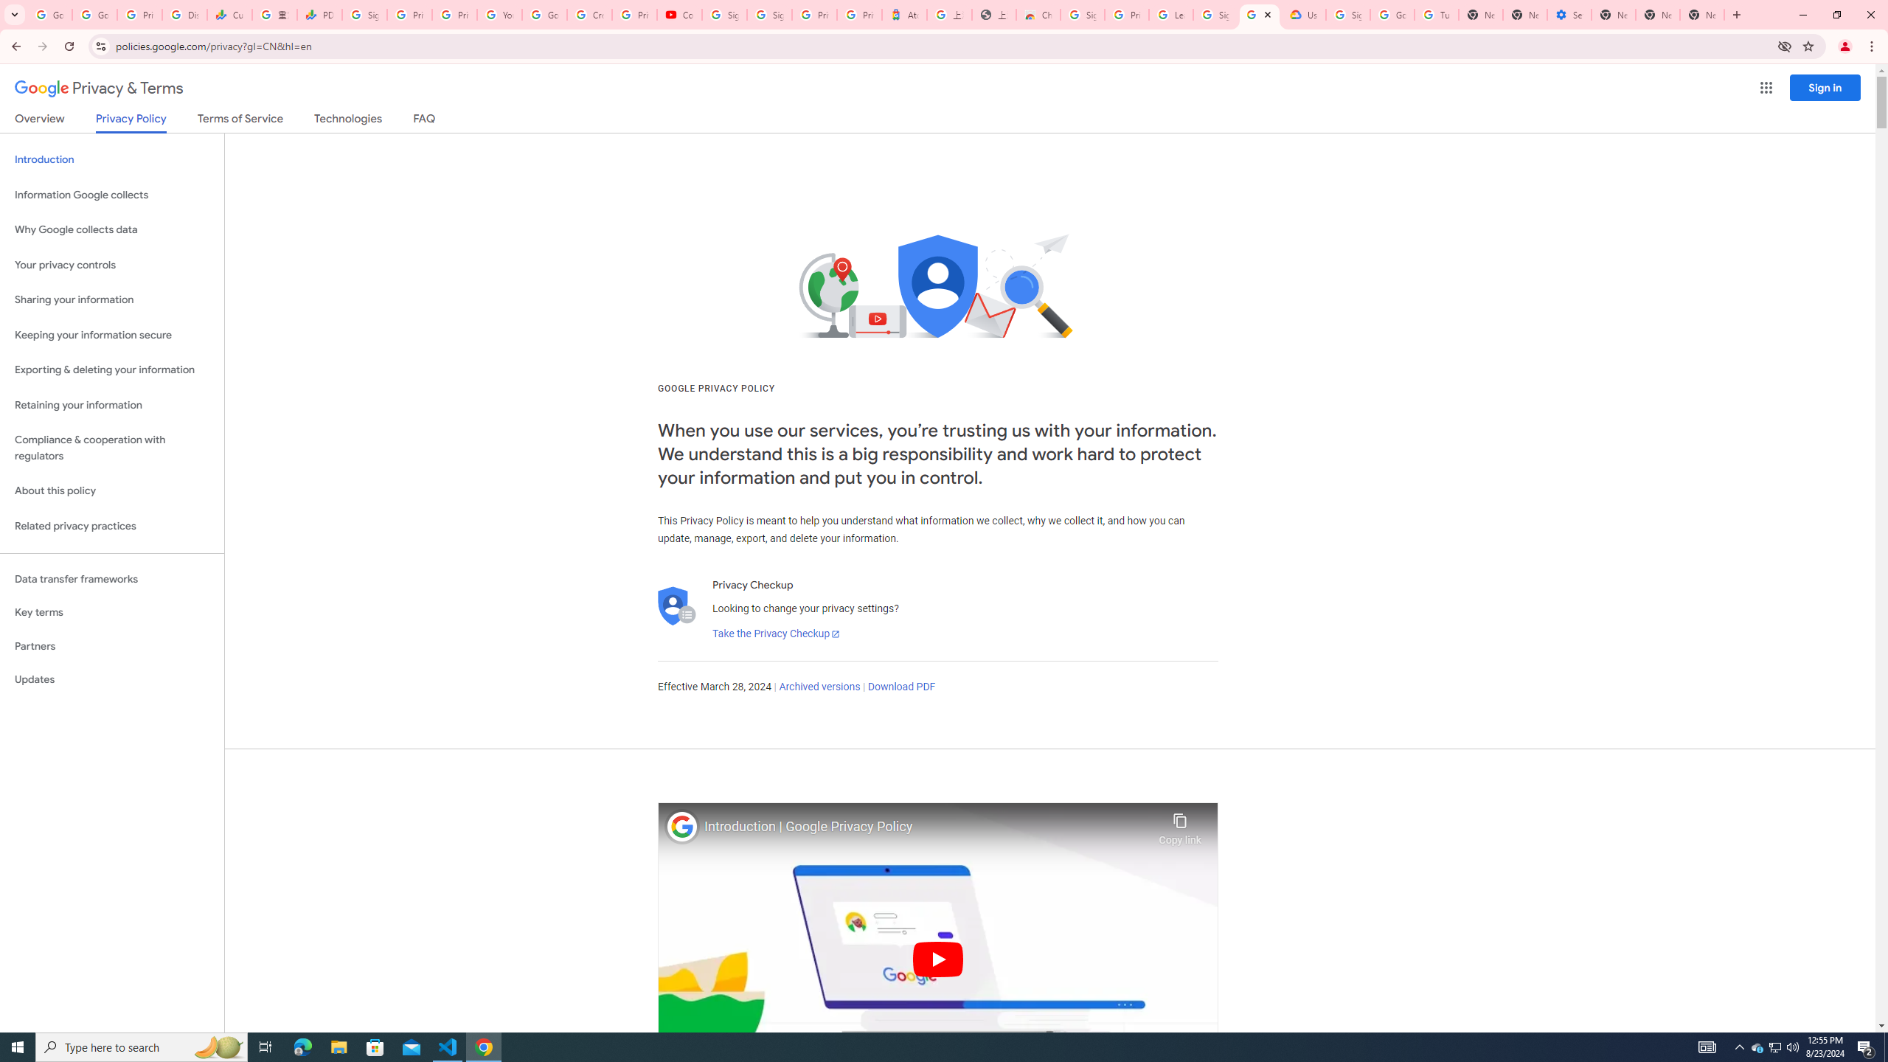 The height and width of the screenshot is (1062, 1888). Describe the element at coordinates (937, 958) in the screenshot. I see `'Play'` at that location.